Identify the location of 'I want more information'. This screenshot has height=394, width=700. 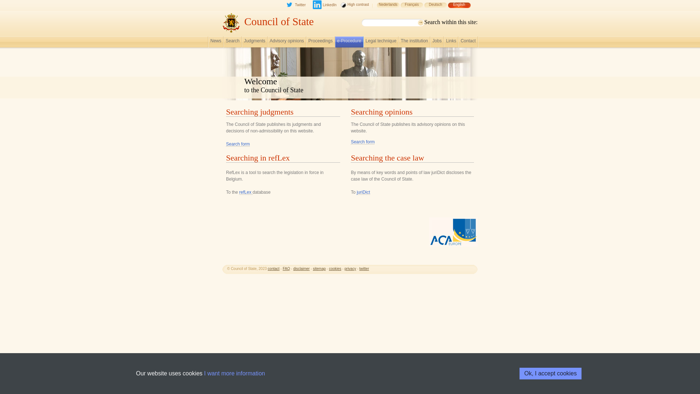
(234, 373).